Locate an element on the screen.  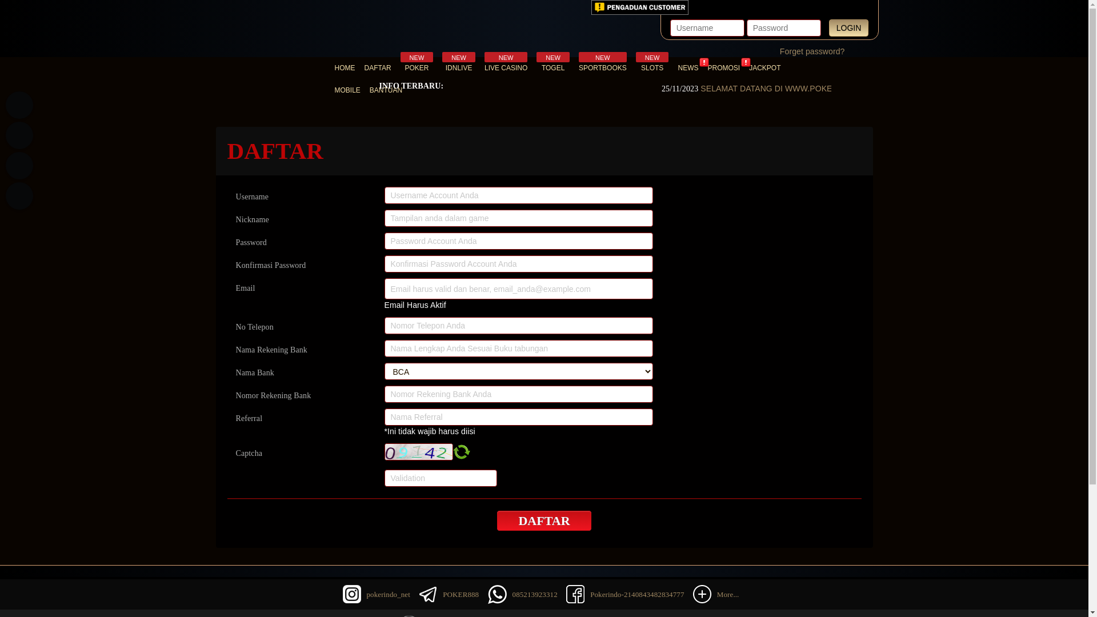
'POKER888' is located at coordinates (442, 594).